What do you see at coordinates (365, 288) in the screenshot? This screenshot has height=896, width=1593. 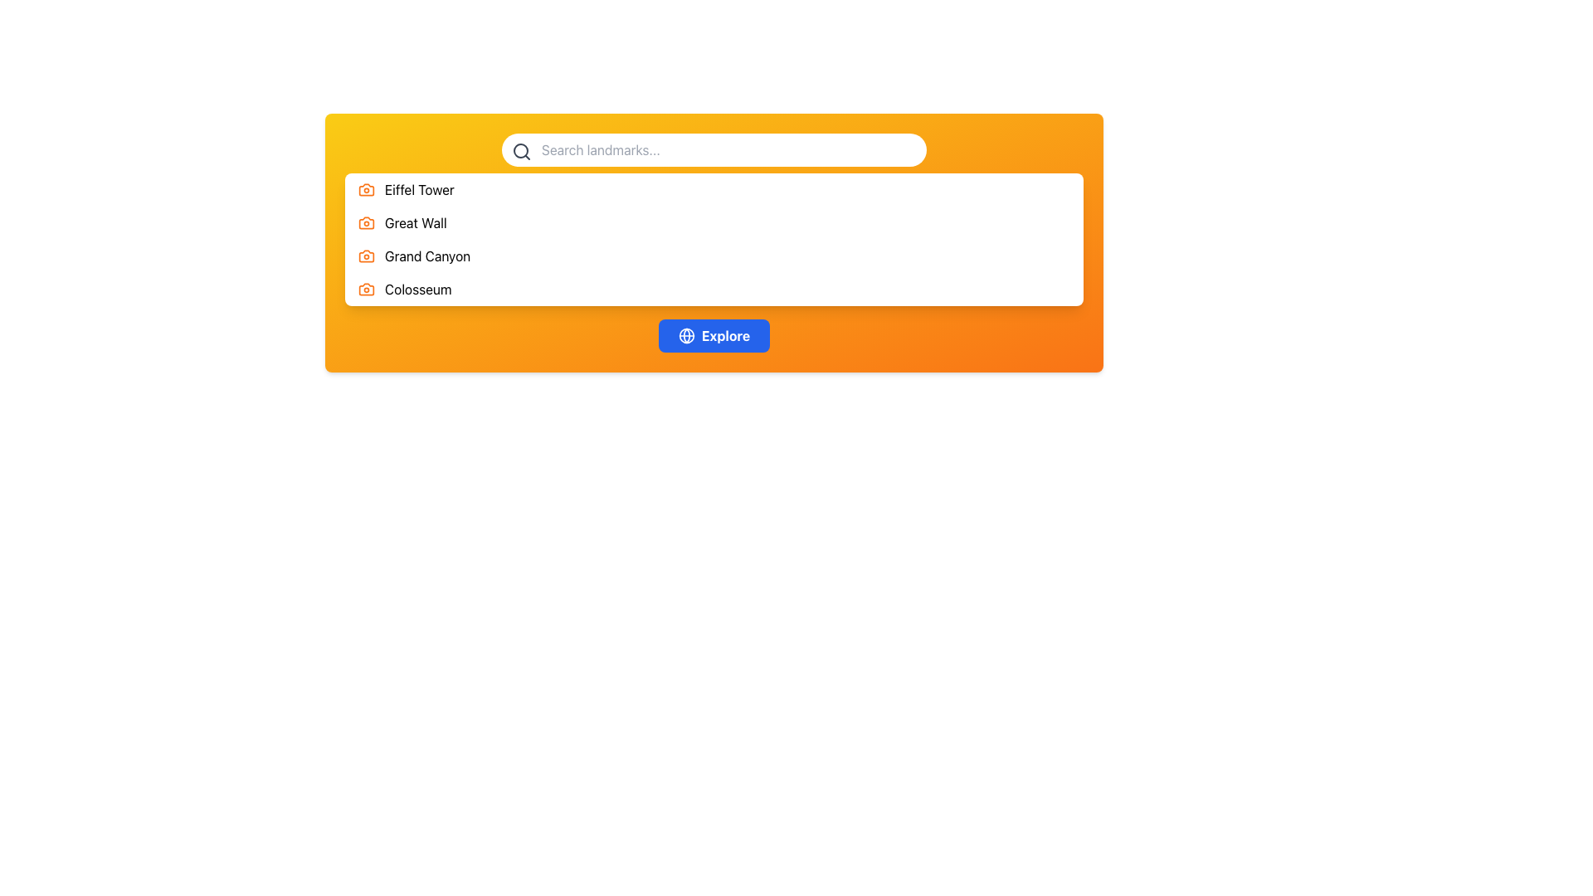 I see `camera icon associated with the list item 'Colosseum', which is located next to the text label 'Colosseum' in the list of landmarks` at bounding box center [365, 288].